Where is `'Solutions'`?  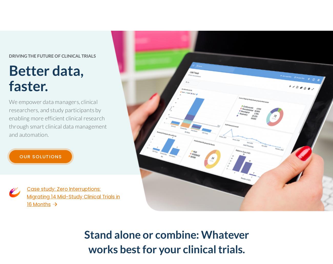
'Solutions' is located at coordinates (133, 15).